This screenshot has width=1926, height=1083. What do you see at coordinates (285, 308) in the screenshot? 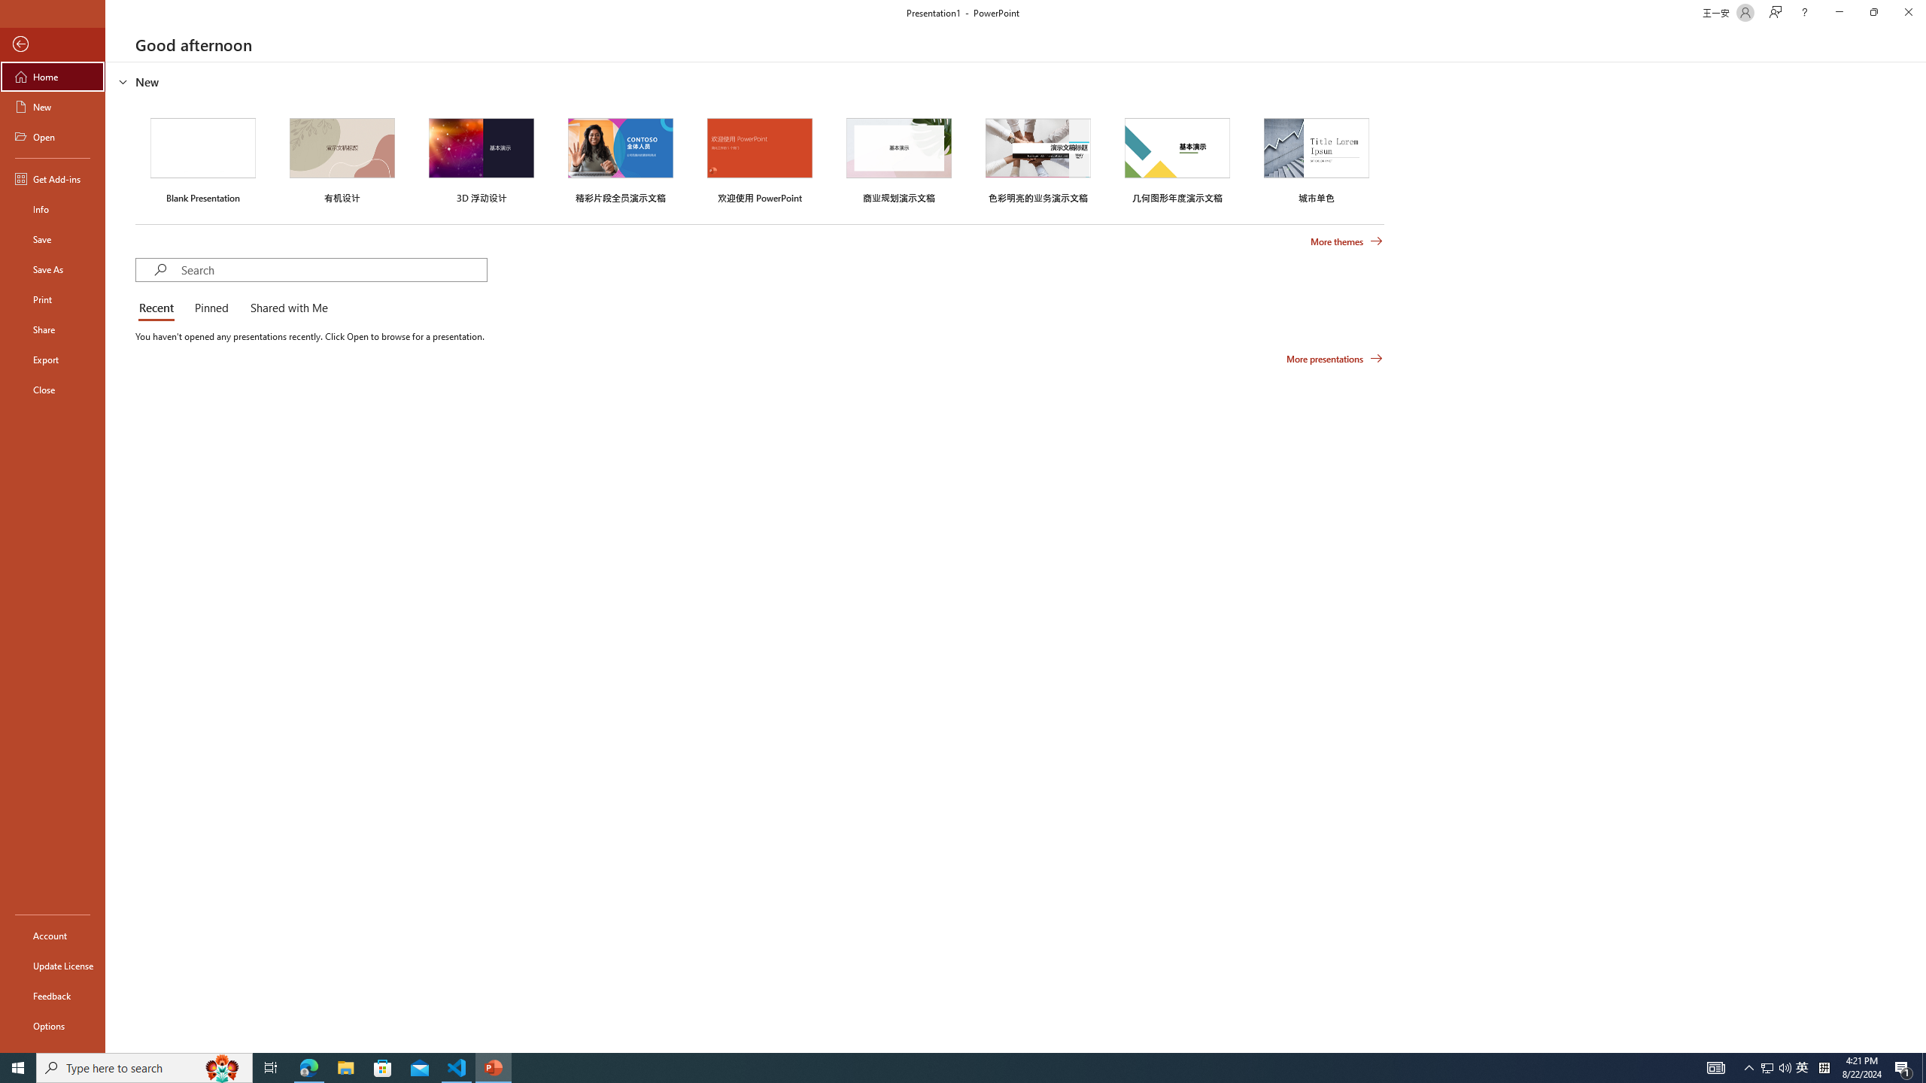
I see `'Shared with Me'` at bounding box center [285, 308].